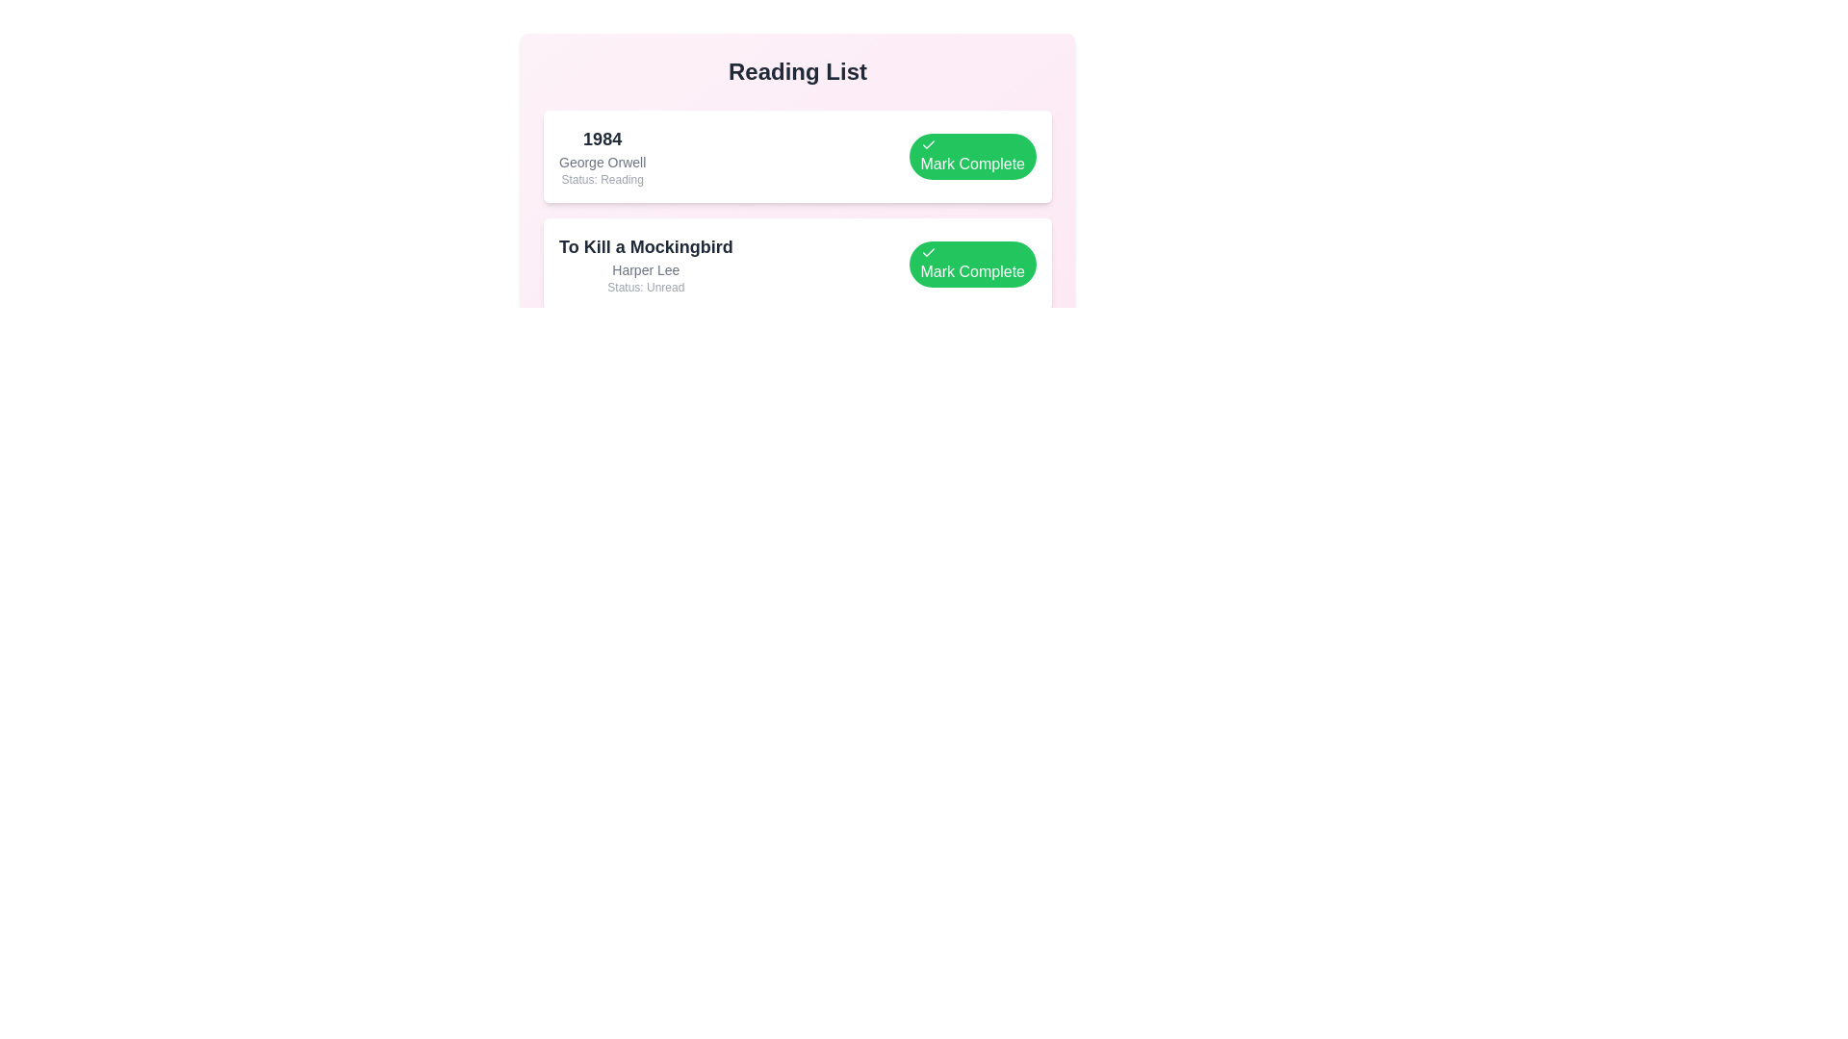  What do you see at coordinates (972, 155) in the screenshot?
I see `'Mark Complete' button for the book titled '1984'` at bounding box center [972, 155].